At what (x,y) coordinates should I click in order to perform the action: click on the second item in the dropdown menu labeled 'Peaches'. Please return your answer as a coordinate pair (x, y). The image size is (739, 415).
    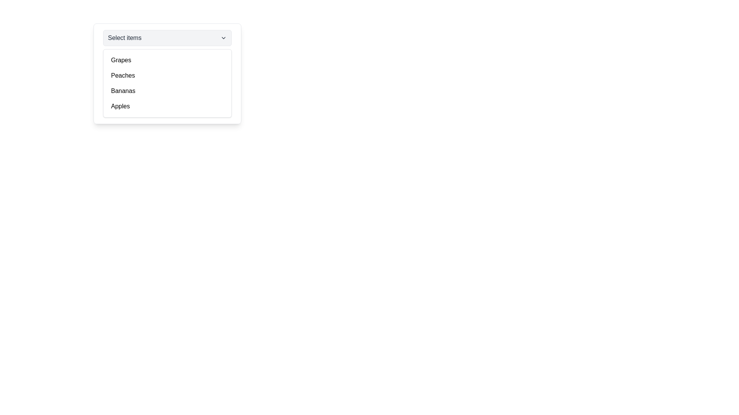
    Looking at the image, I should click on (167, 75).